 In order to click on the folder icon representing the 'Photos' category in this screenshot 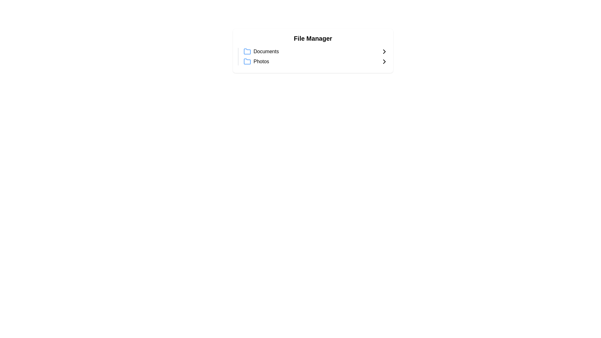, I will do `click(247, 61)`.